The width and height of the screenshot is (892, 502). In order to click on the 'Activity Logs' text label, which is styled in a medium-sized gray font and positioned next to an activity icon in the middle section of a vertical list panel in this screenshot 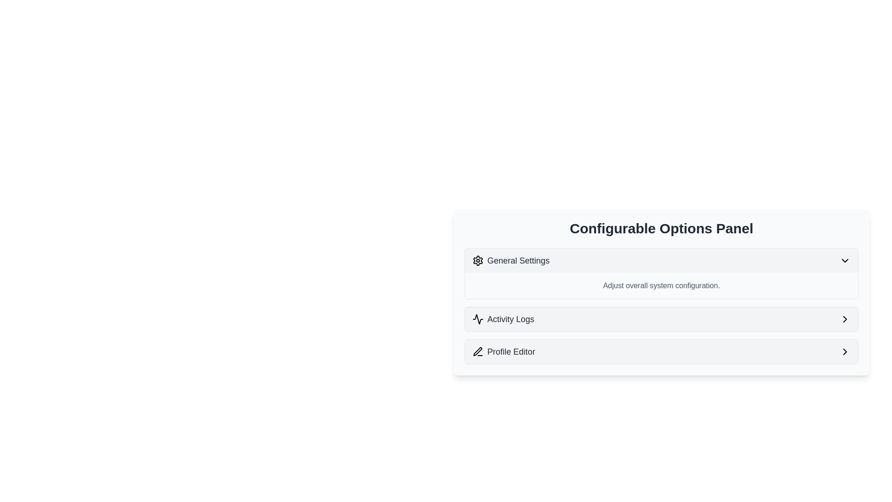, I will do `click(510, 318)`.